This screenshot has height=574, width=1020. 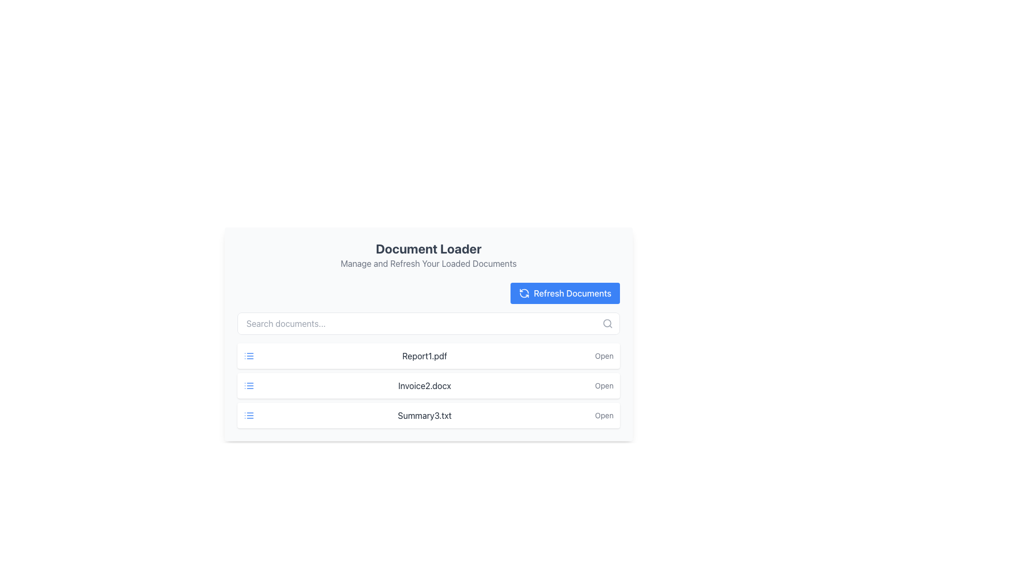 What do you see at coordinates (604, 415) in the screenshot?
I see `the interactive link at the rightmost end of the row` at bounding box center [604, 415].